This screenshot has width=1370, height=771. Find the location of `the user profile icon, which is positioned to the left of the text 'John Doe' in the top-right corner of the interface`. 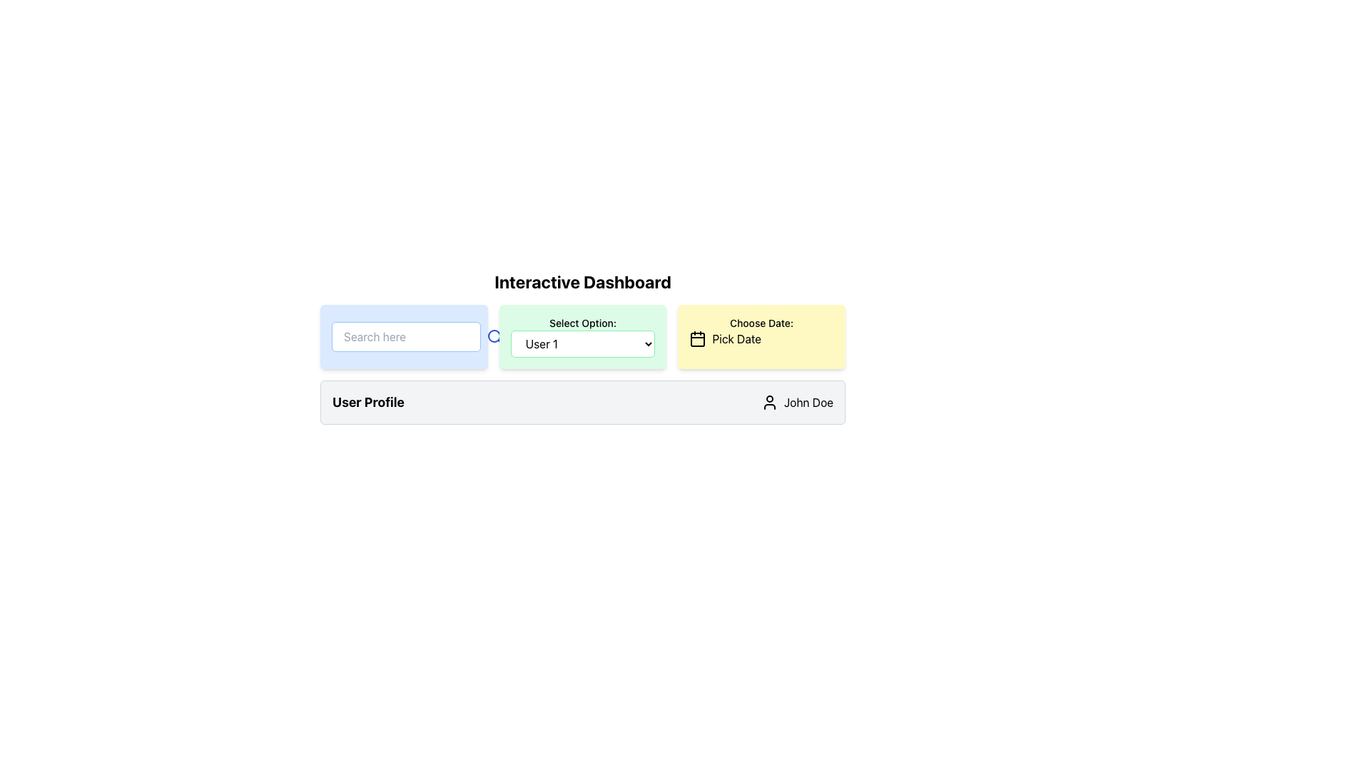

the user profile icon, which is positioned to the left of the text 'John Doe' in the top-right corner of the interface is located at coordinates (769, 402).